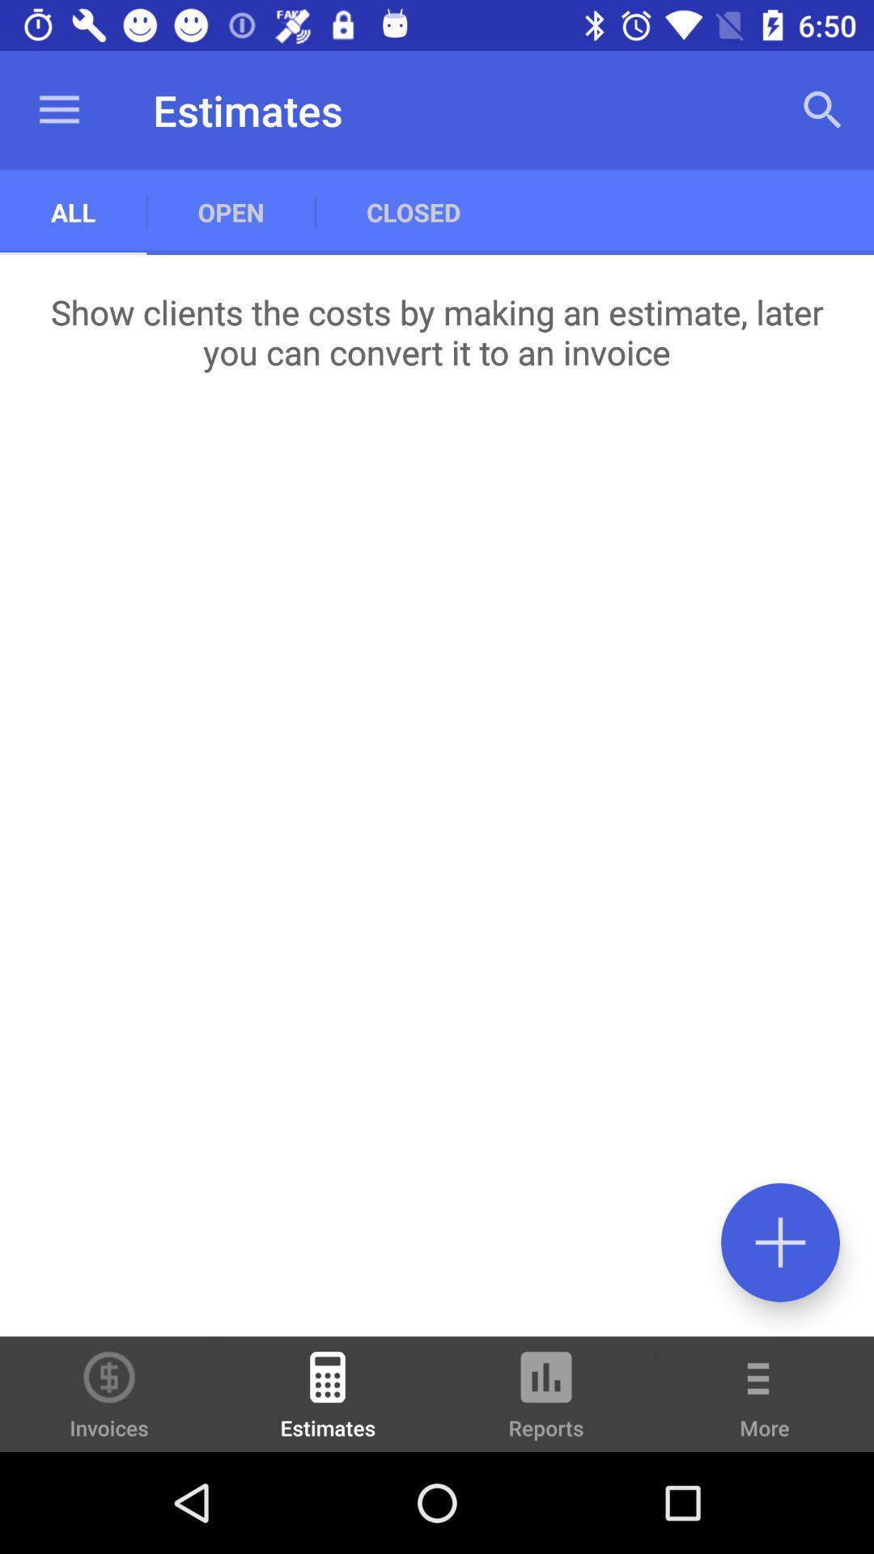 This screenshot has height=1554, width=874. What do you see at coordinates (413, 211) in the screenshot?
I see `the closed icon` at bounding box center [413, 211].